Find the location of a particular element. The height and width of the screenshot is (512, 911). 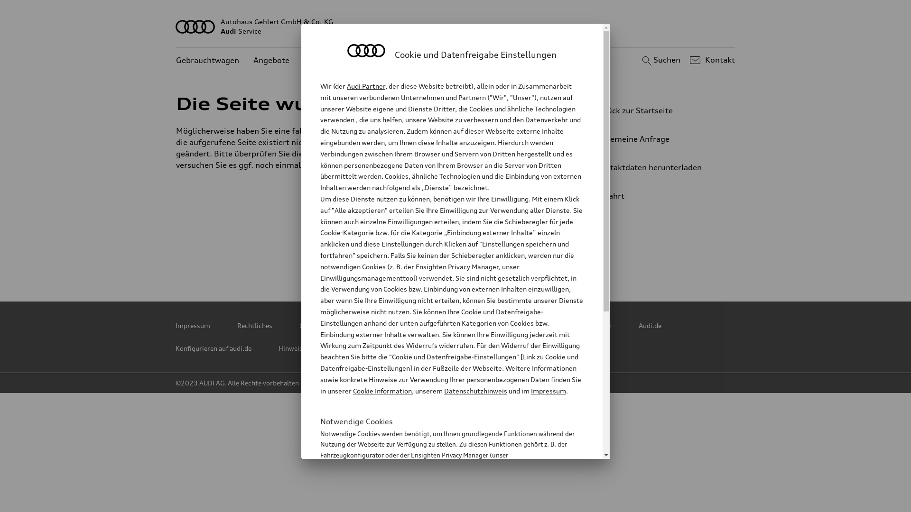

'Angebote' is located at coordinates (270, 60).